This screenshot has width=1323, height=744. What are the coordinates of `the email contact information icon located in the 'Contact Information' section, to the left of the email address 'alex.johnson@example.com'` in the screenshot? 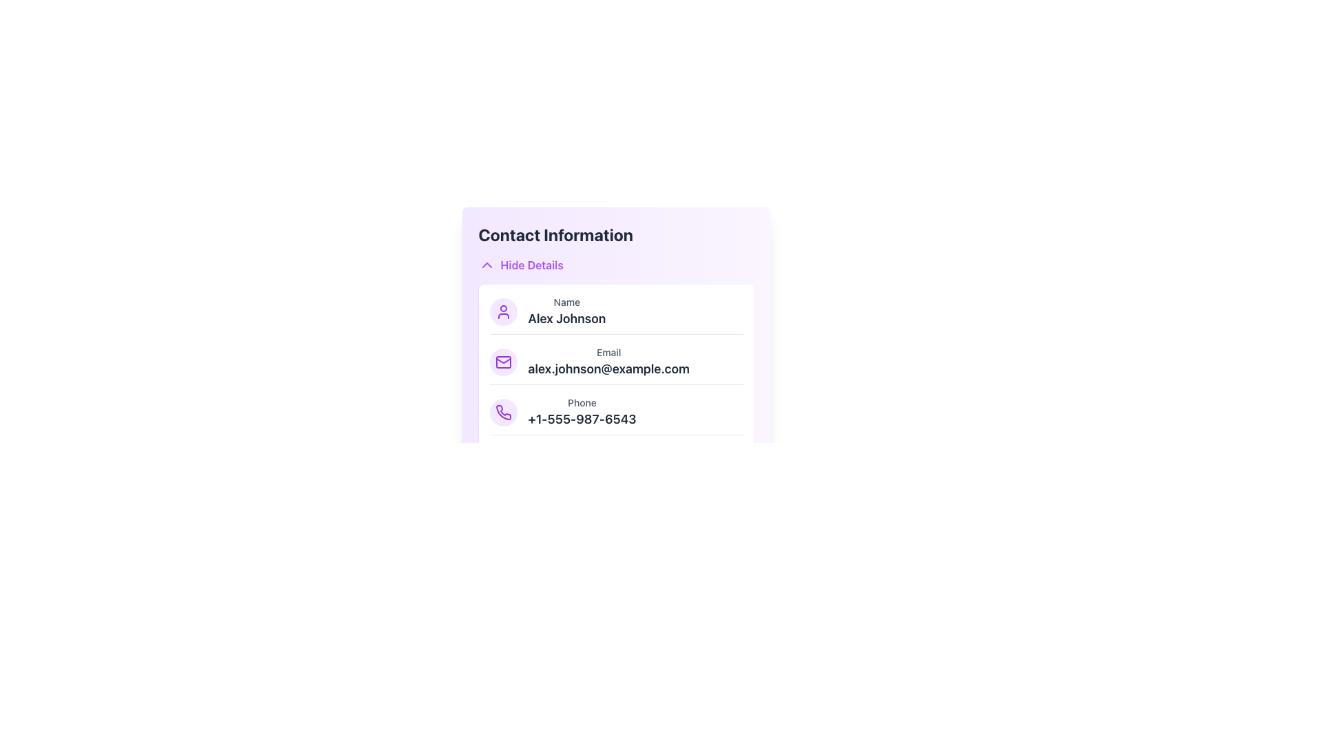 It's located at (502, 361).